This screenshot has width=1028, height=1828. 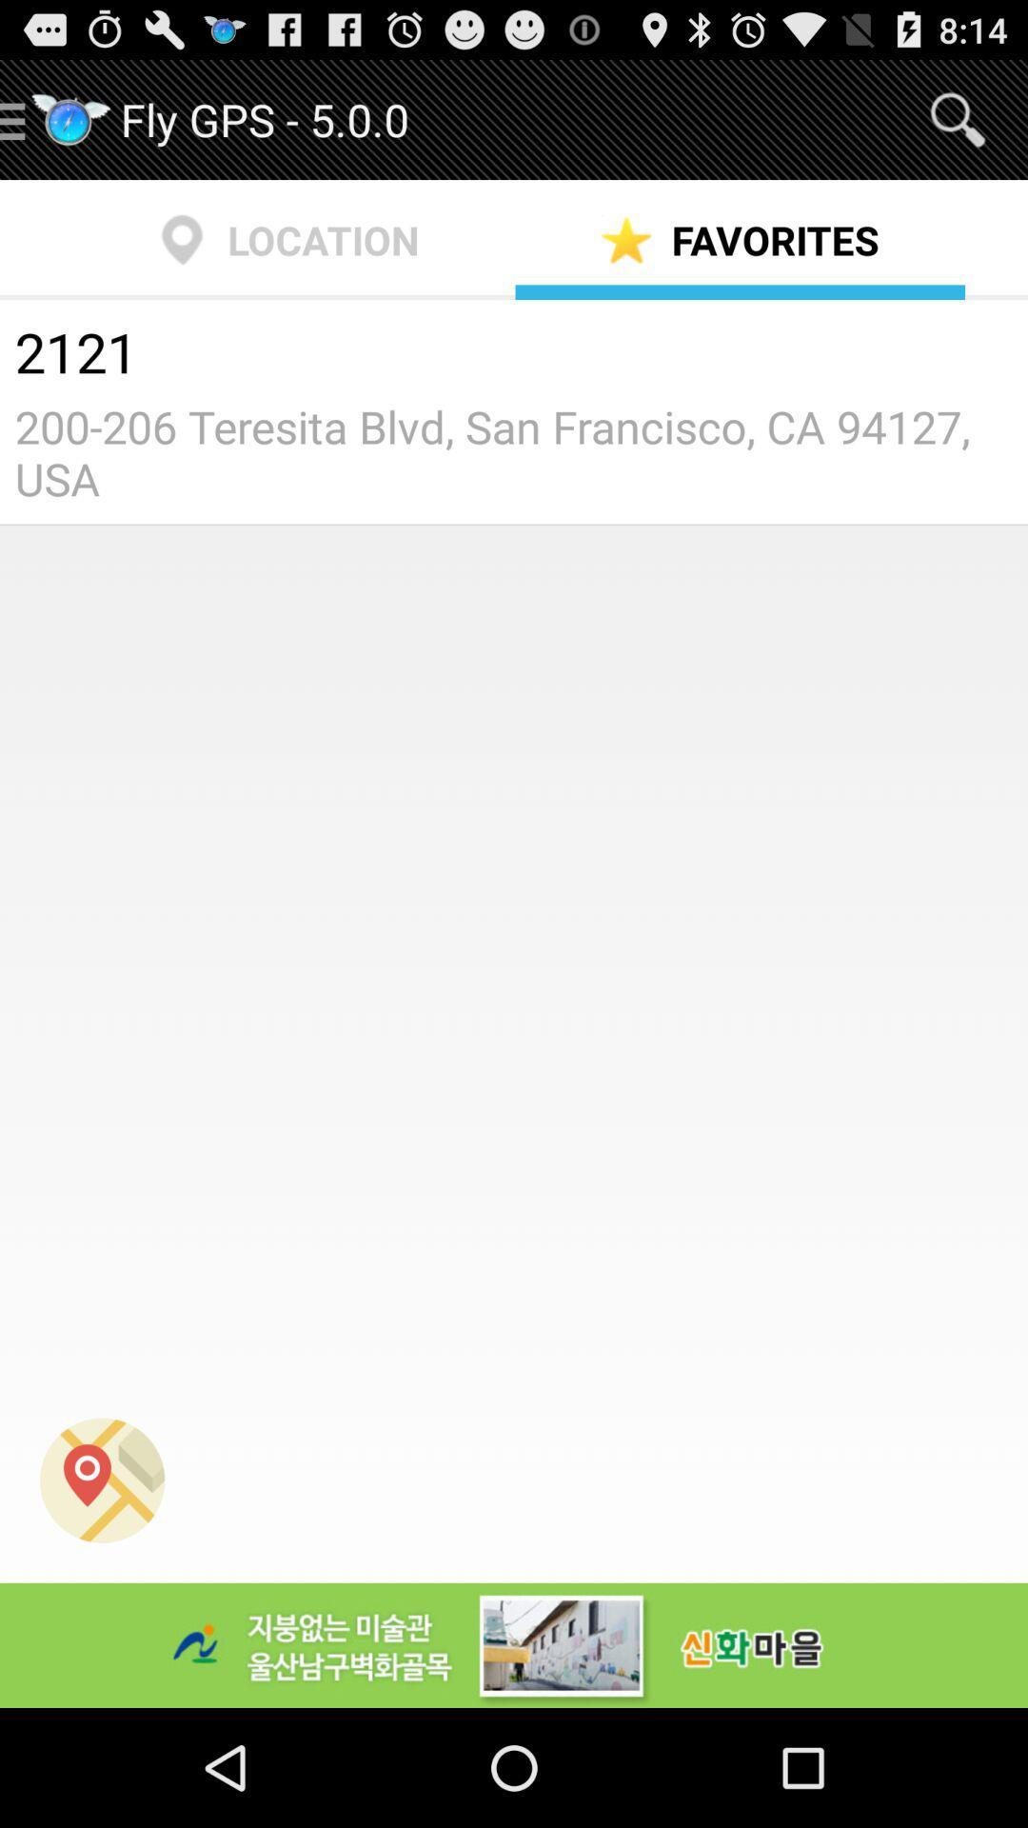 What do you see at coordinates (102, 1480) in the screenshot?
I see `icon below 200 206 teresita item` at bounding box center [102, 1480].